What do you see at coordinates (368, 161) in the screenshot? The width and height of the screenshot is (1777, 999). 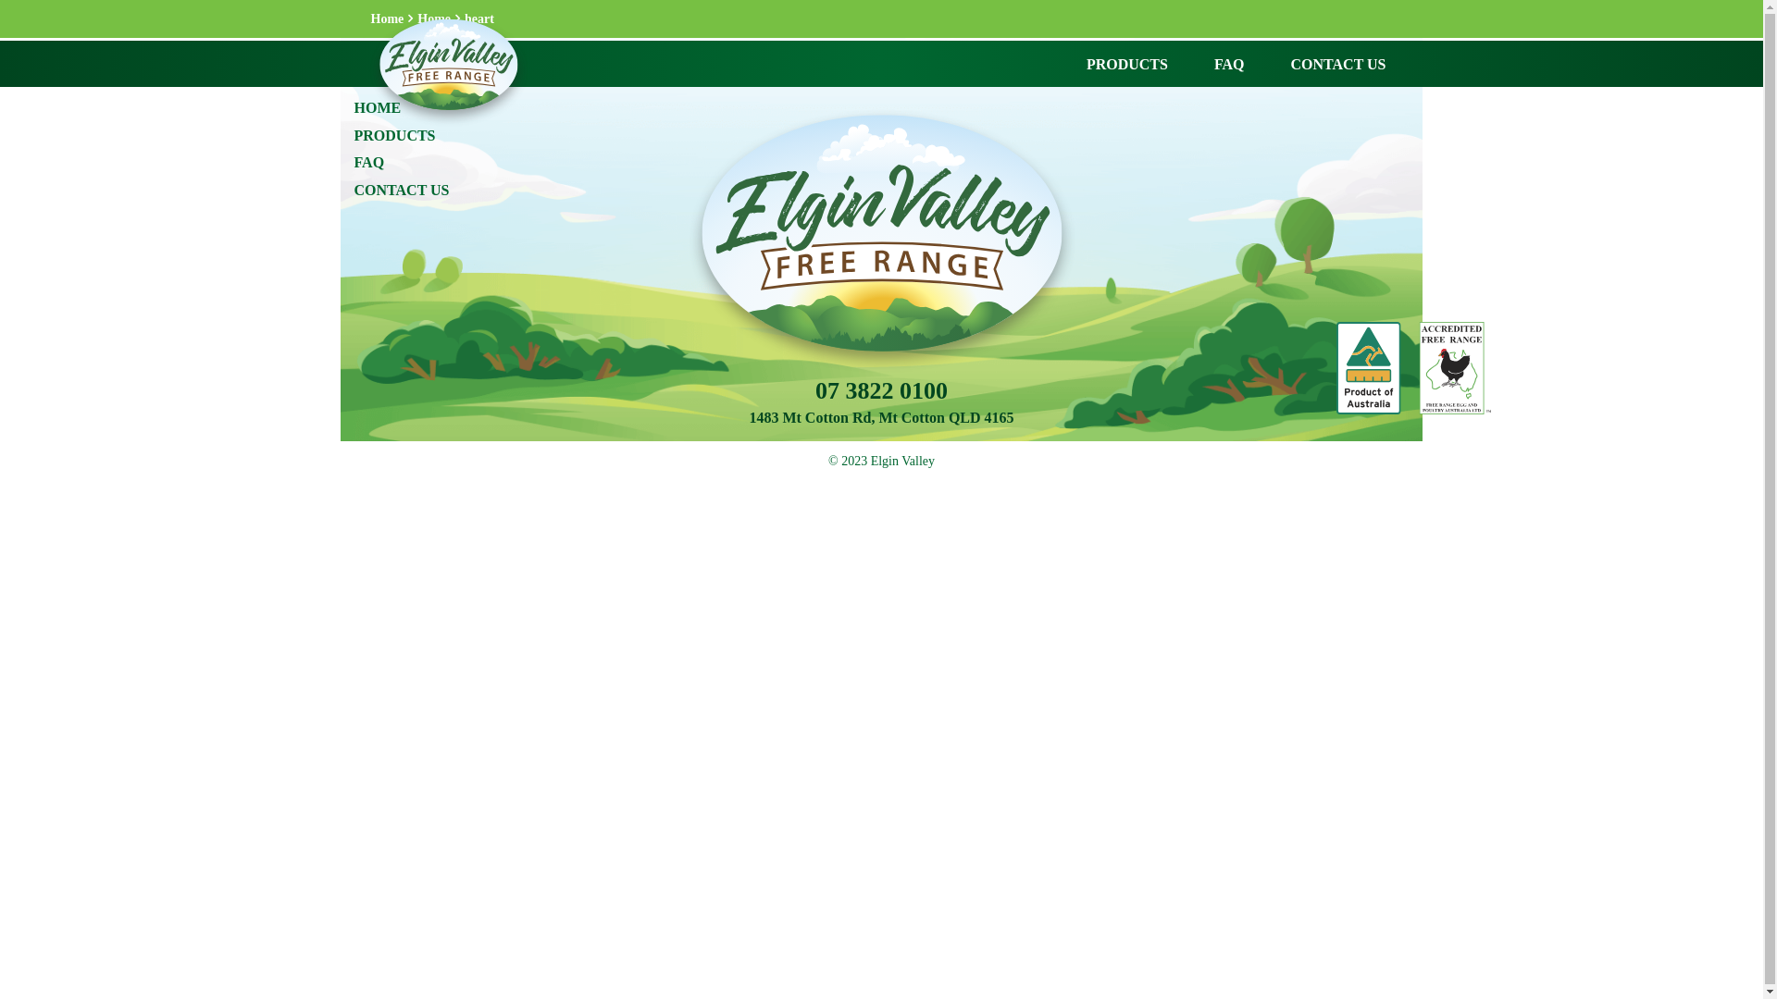 I see `'FAQ'` at bounding box center [368, 161].